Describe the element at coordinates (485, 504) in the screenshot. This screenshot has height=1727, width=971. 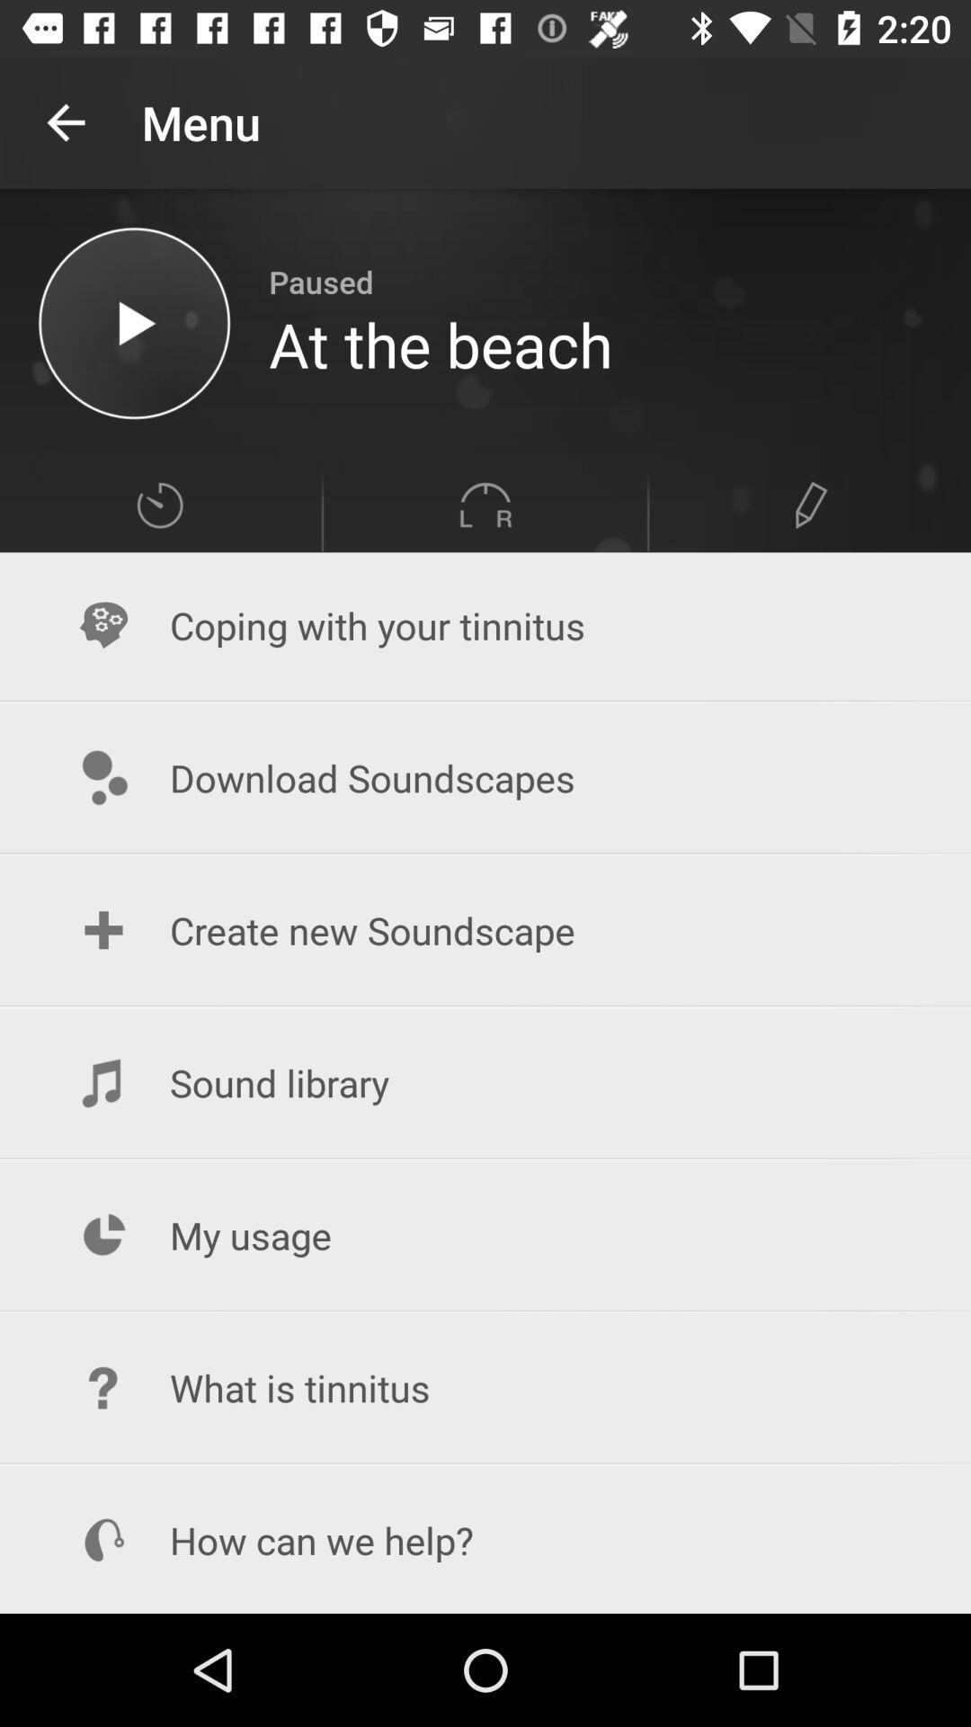
I see `icon above the coping with your` at that location.